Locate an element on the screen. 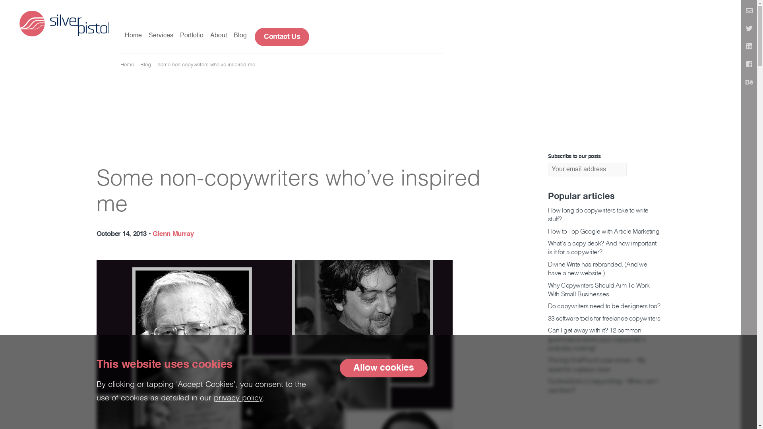  'Portfolio' is located at coordinates (192, 36).